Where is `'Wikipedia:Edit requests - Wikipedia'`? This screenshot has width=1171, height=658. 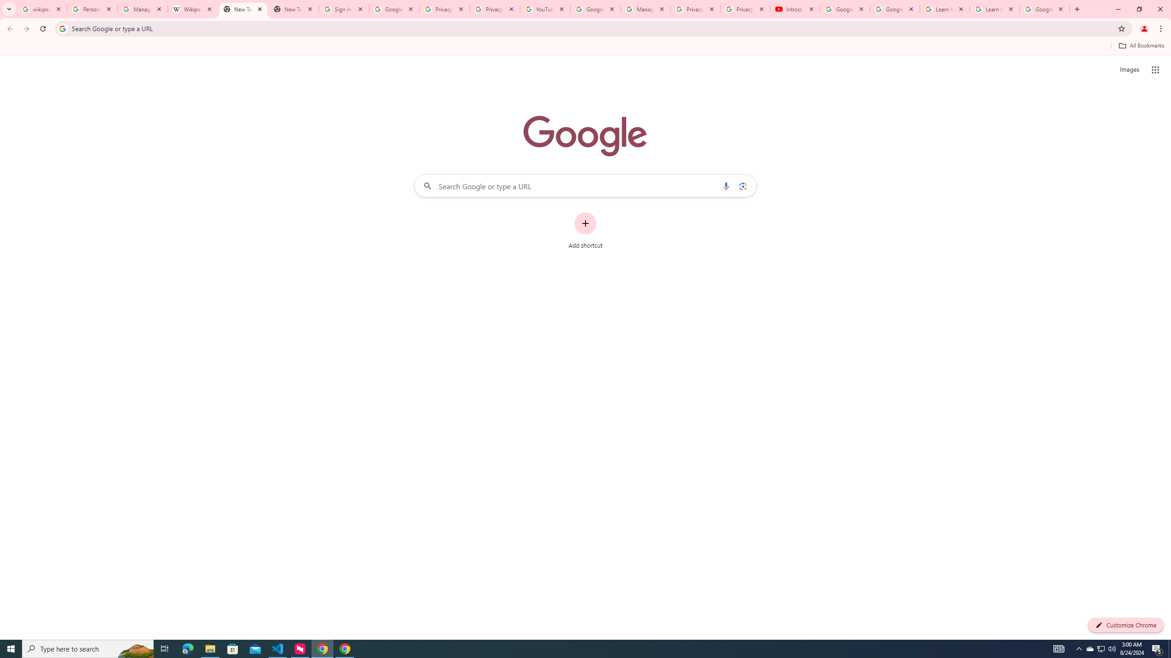
'Wikipedia:Edit requests - Wikipedia' is located at coordinates (193, 9).